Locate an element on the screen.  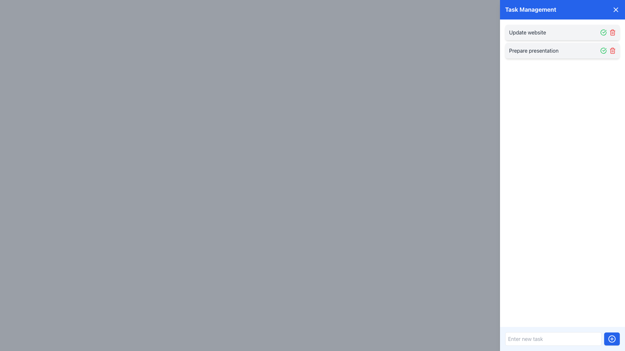
the delete button located to the right of the green checkmark icon in the second row of the Task Management section, which corresponds to the task labeled 'Prepare presentation' is located at coordinates (612, 50).